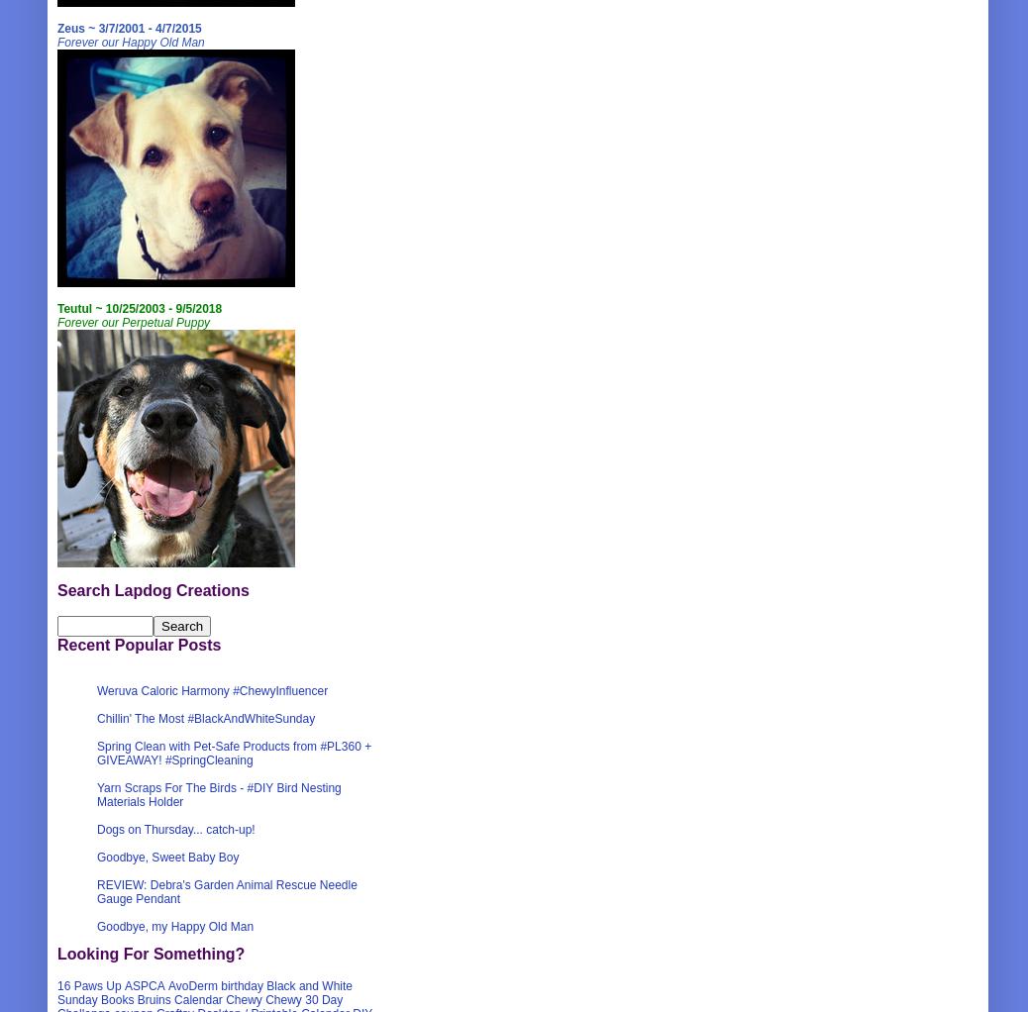 The width and height of the screenshot is (1028, 1012). Describe the element at coordinates (233, 752) in the screenshot. I see `'Spring Clean with Pet-Safe Products from #PL360 + GIVEAWAY! #SpringCleaning'` at that location.